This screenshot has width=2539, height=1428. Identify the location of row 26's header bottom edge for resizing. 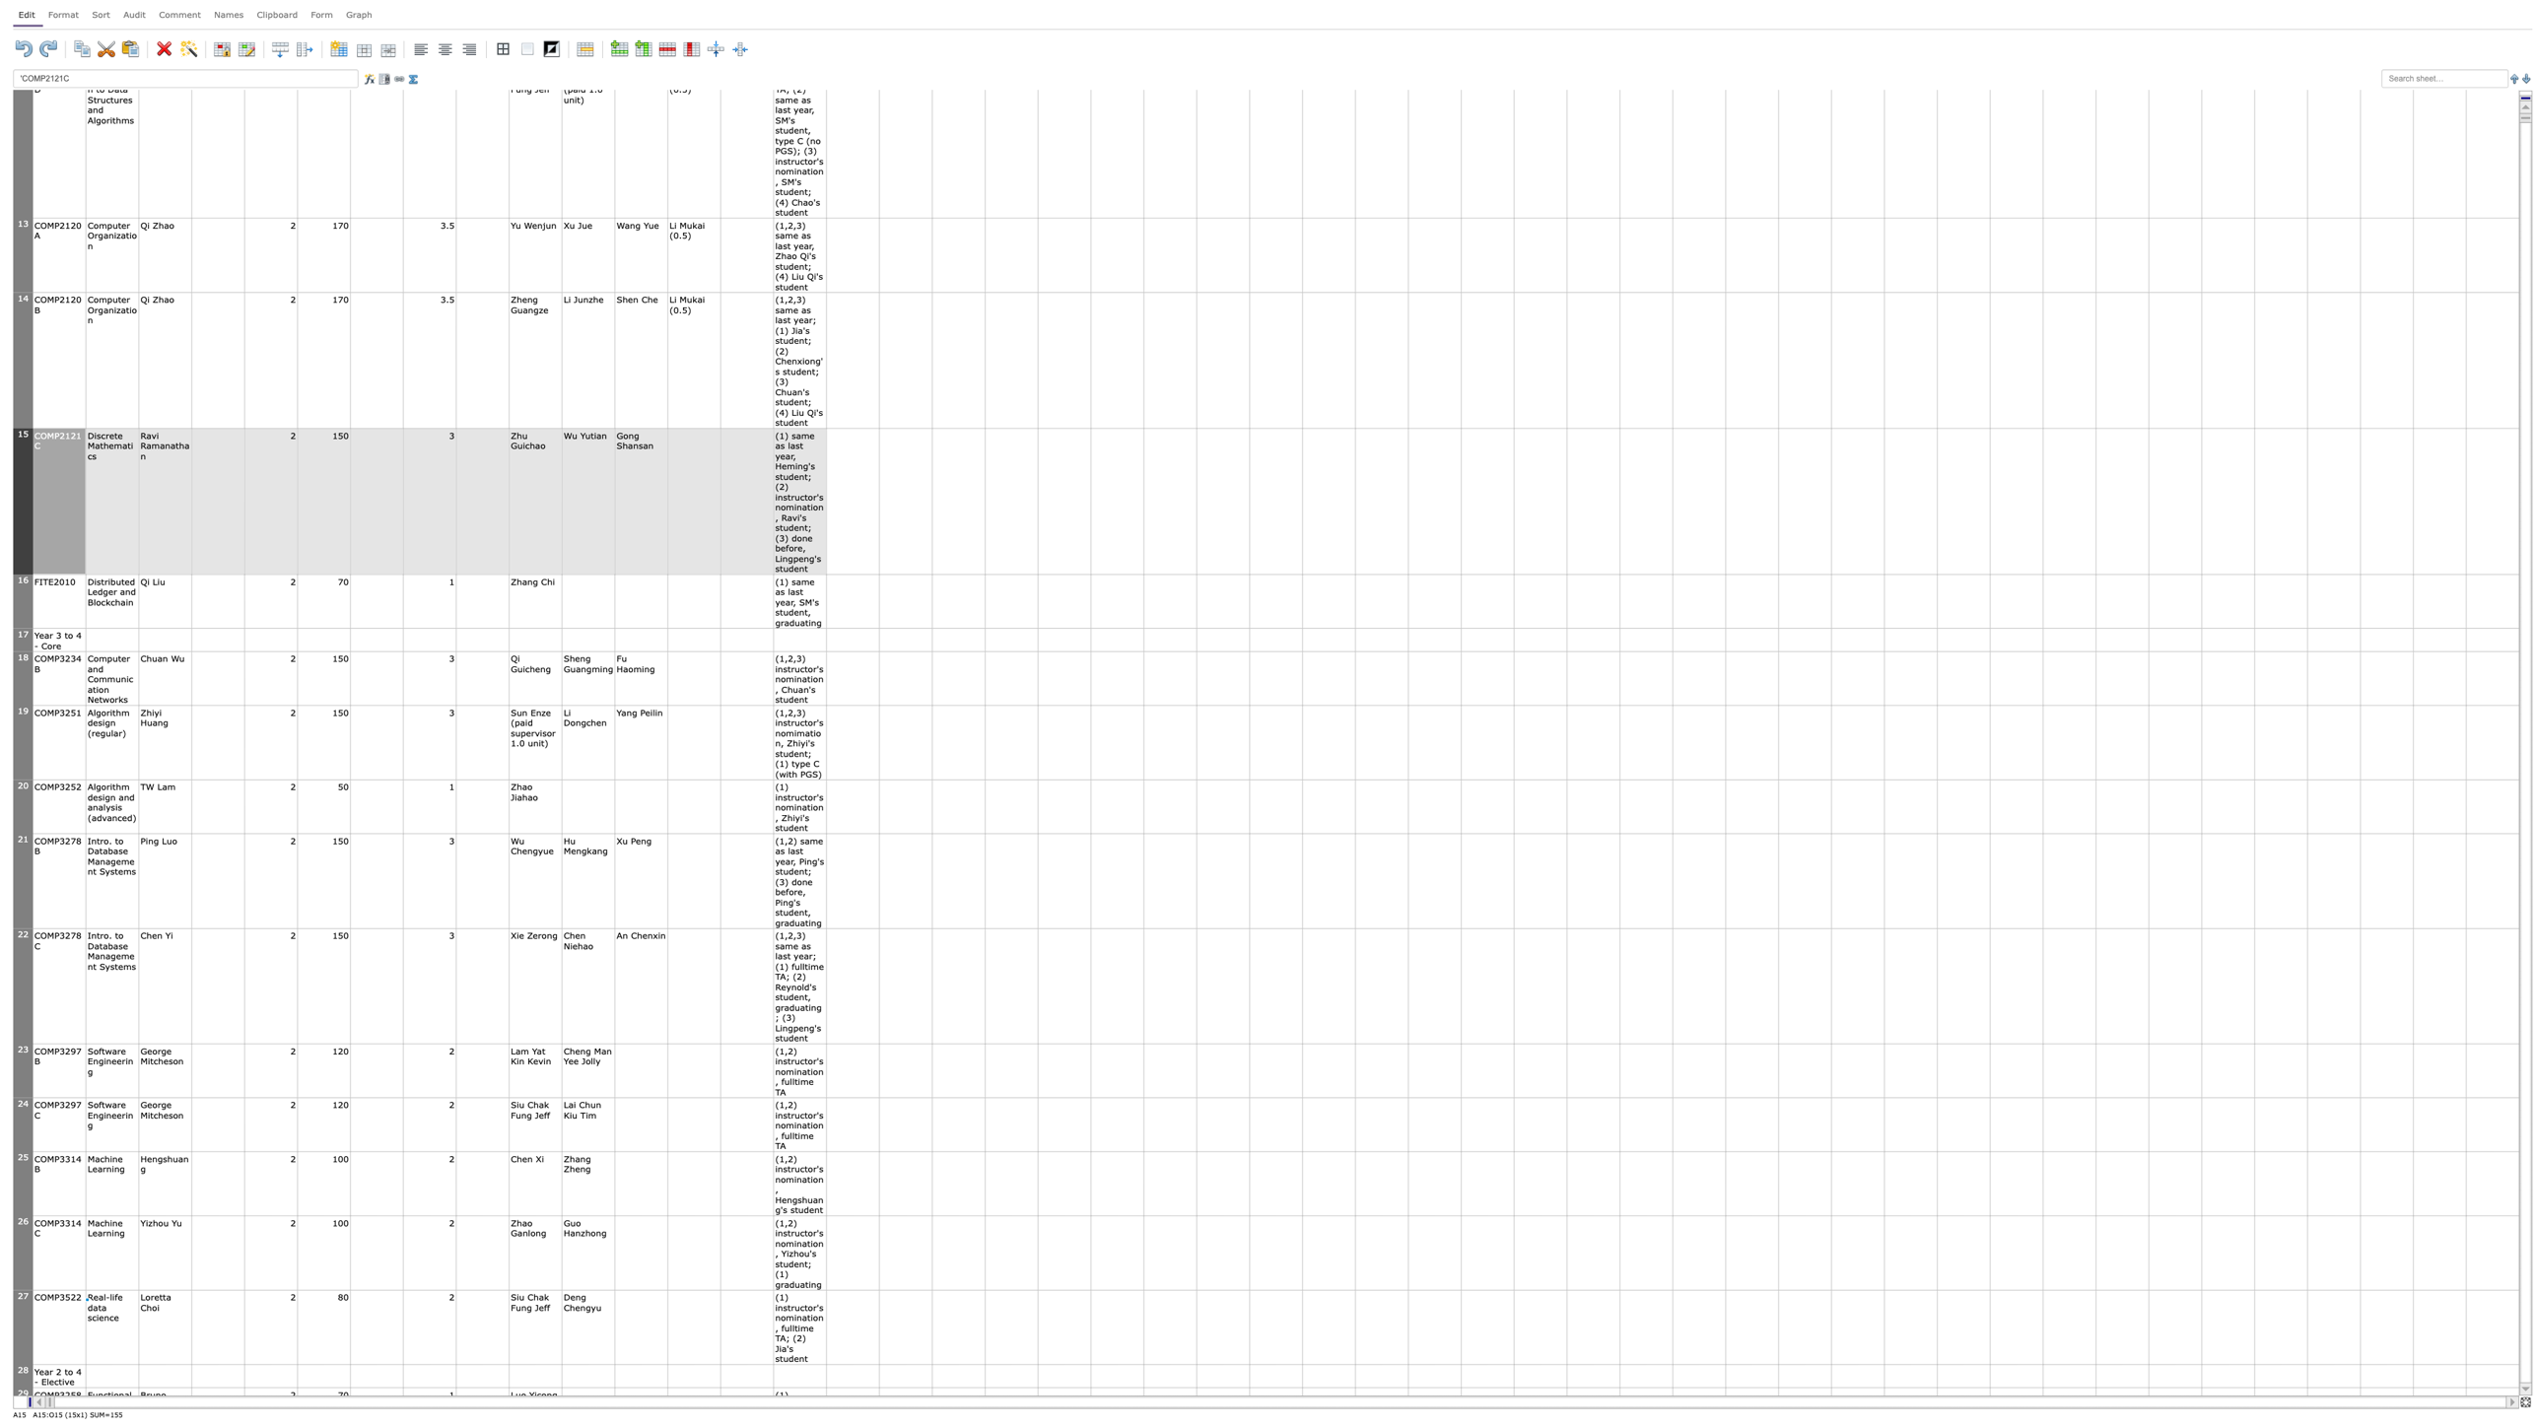
(23, 1290).